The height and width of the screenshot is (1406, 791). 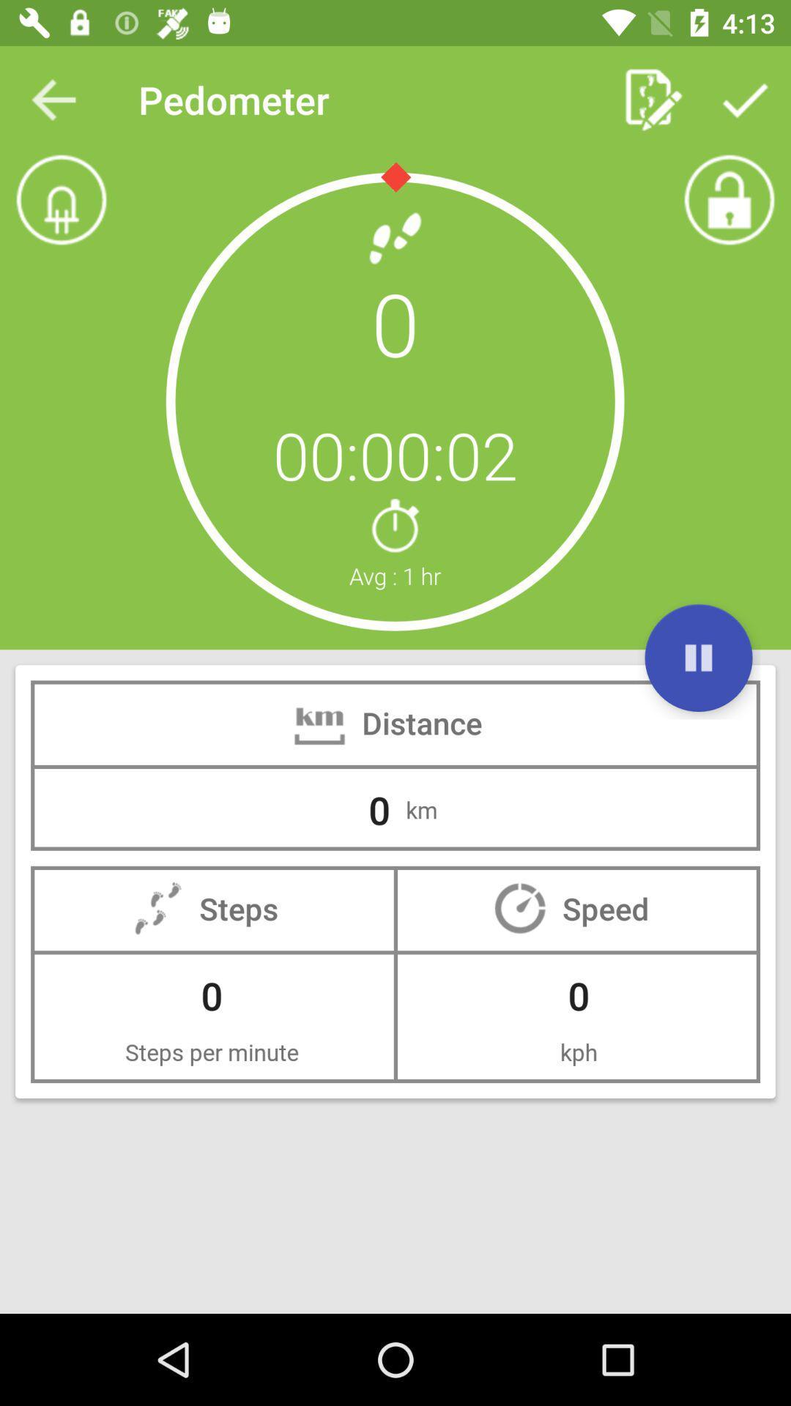 I want to click on icon next to pedometer item, so click(x=53, y=99).